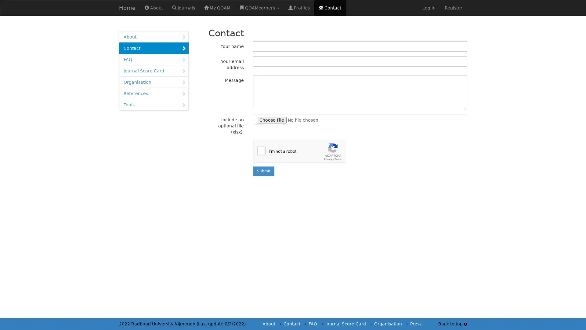  I want to click on Submit, so click(263, 171).